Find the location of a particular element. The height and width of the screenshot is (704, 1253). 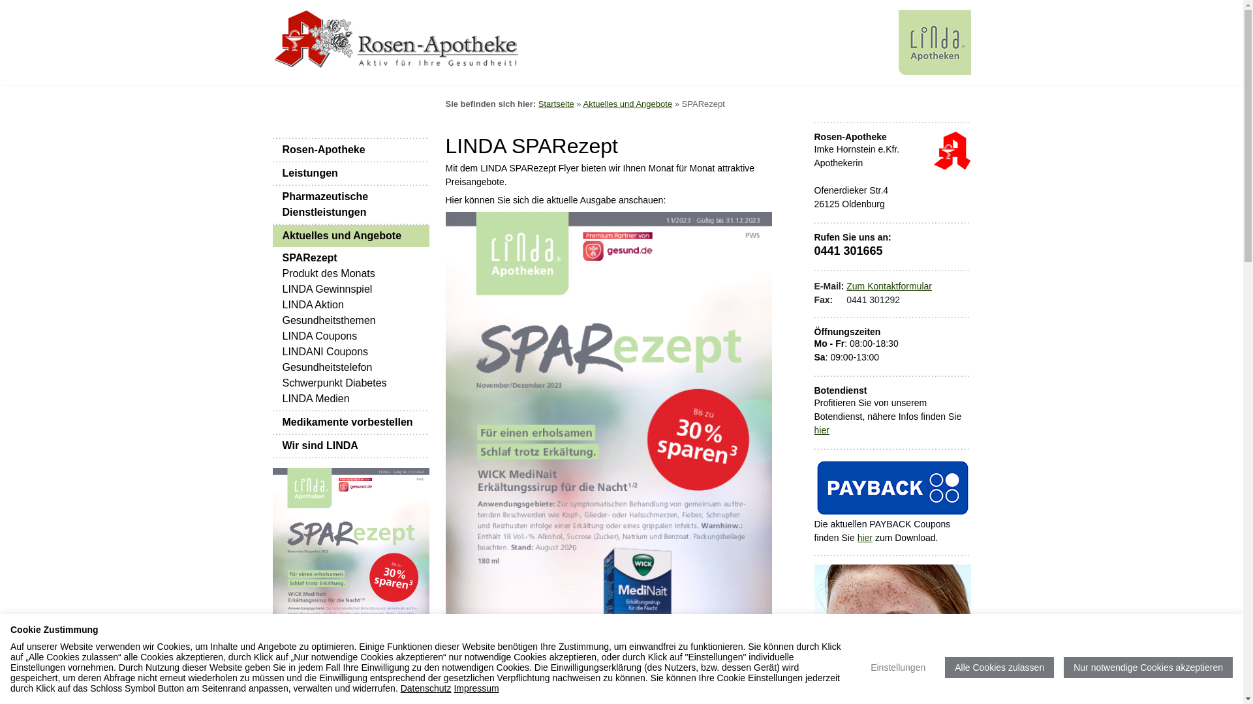

'LINDANI Coupons' is located at coordinates (325, 351).